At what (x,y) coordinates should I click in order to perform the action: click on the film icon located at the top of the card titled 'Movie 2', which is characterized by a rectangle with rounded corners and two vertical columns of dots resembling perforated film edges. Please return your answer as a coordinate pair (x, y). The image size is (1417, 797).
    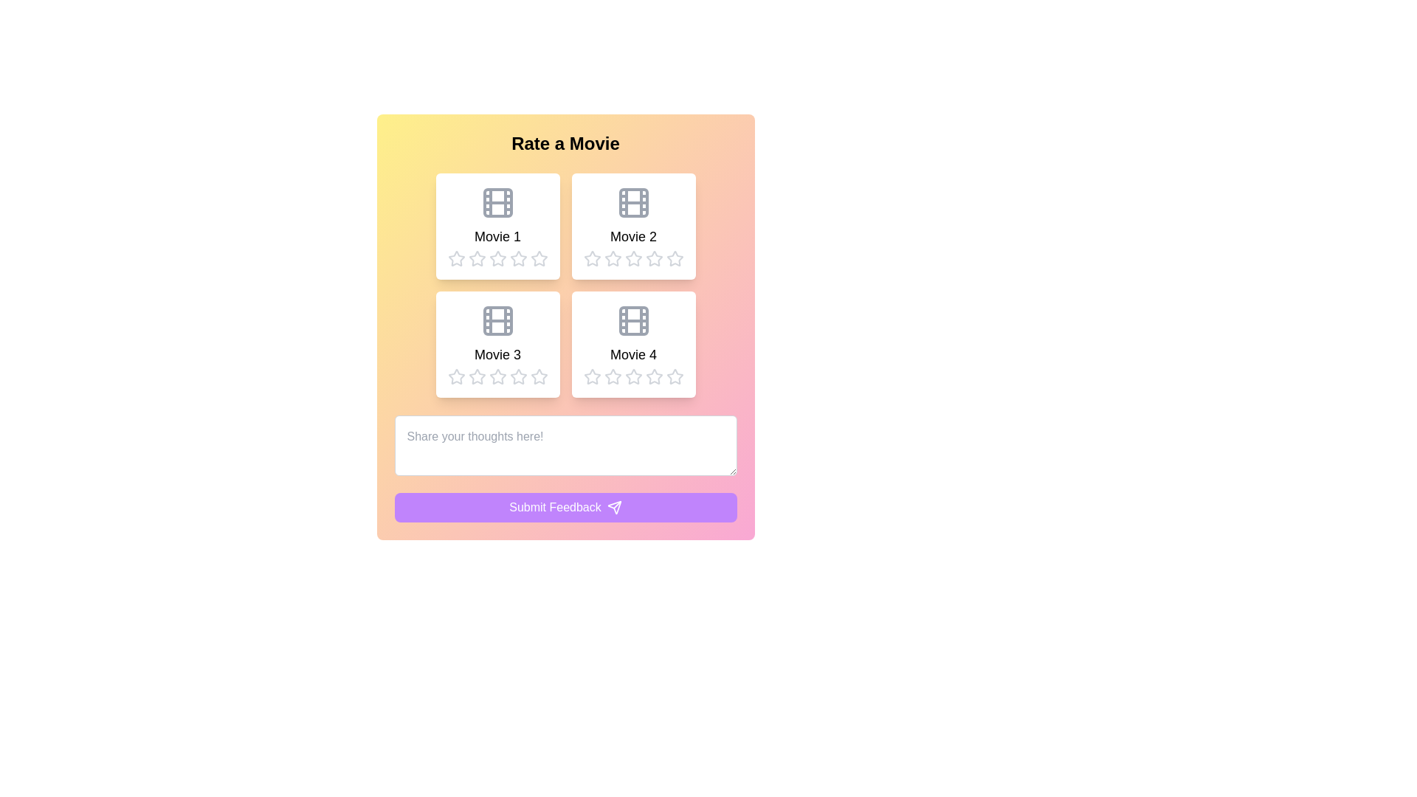
    Looking at the image, I should click on (633, 202).